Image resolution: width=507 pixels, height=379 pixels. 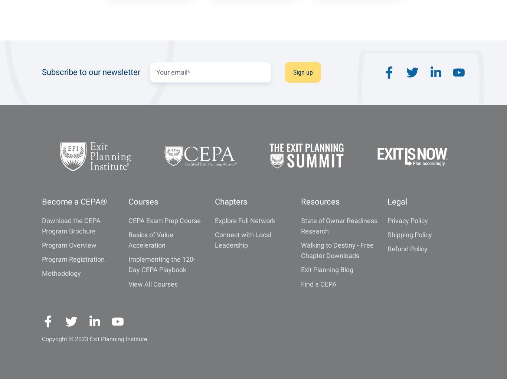 What do you see at coordinates (42, 259) in the screenshot?
I see `'Program Registration'` at bounding box center [42, 259].